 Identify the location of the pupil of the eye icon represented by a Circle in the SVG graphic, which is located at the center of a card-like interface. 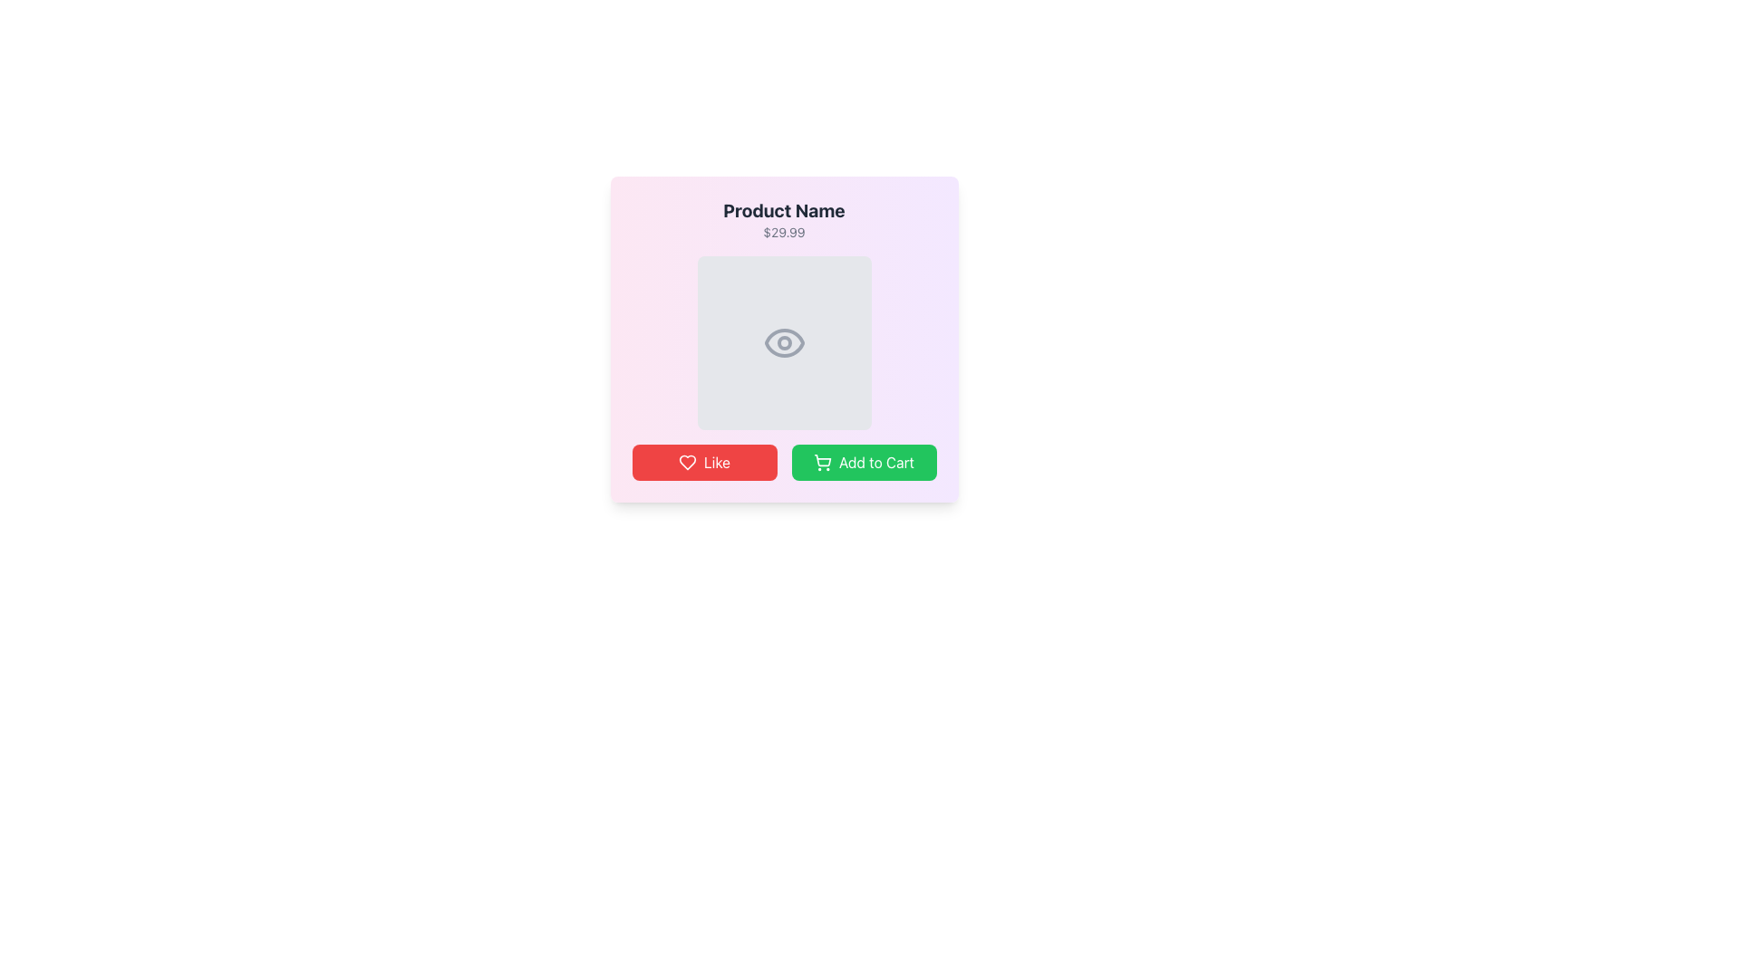
(784, 342).